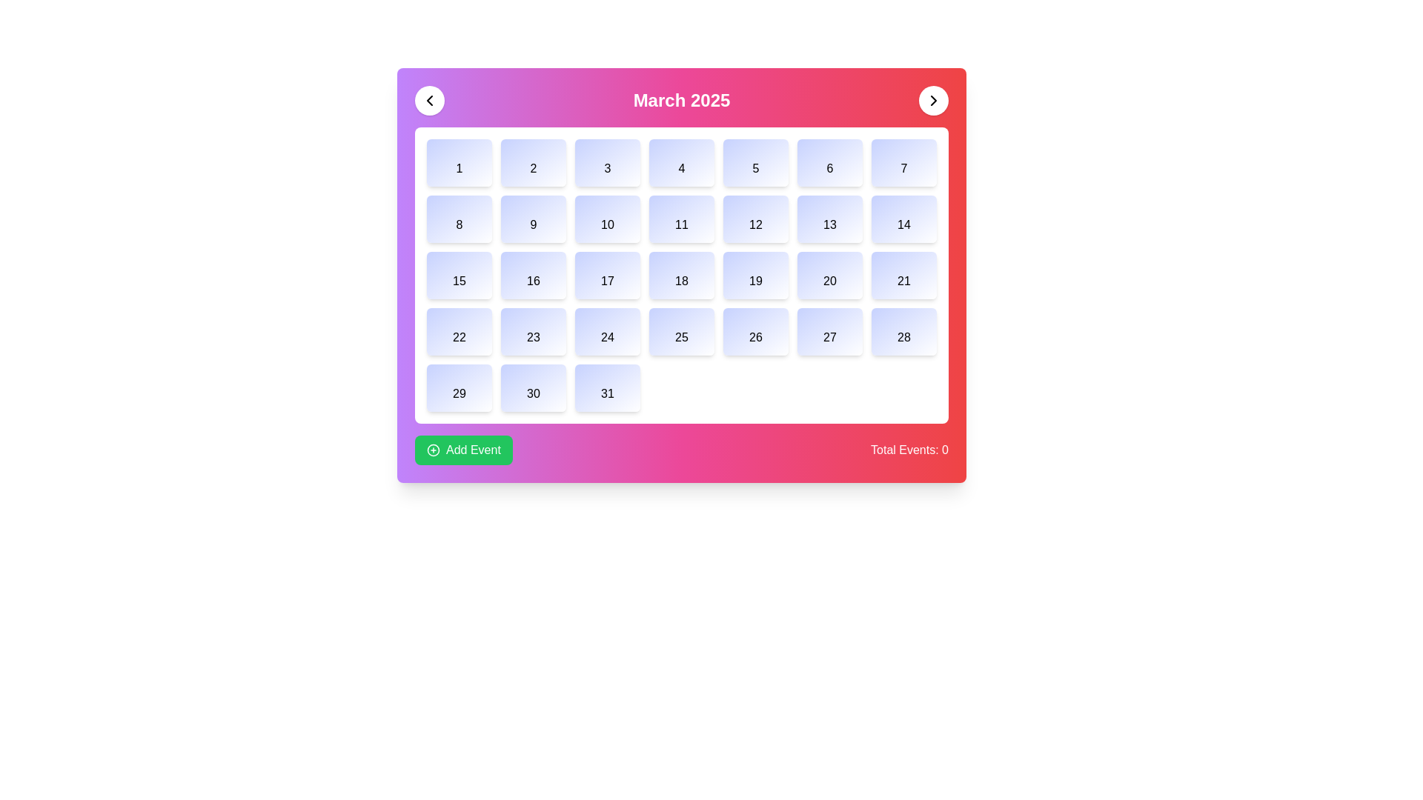  What do you see at coordinates (433, 450) in the screenshot?
I see `the 'Add Event' button, which is visually complemented by the decorative SVG circle located at the bottom-left of the calendar interface` at bounding box center [433, 450].